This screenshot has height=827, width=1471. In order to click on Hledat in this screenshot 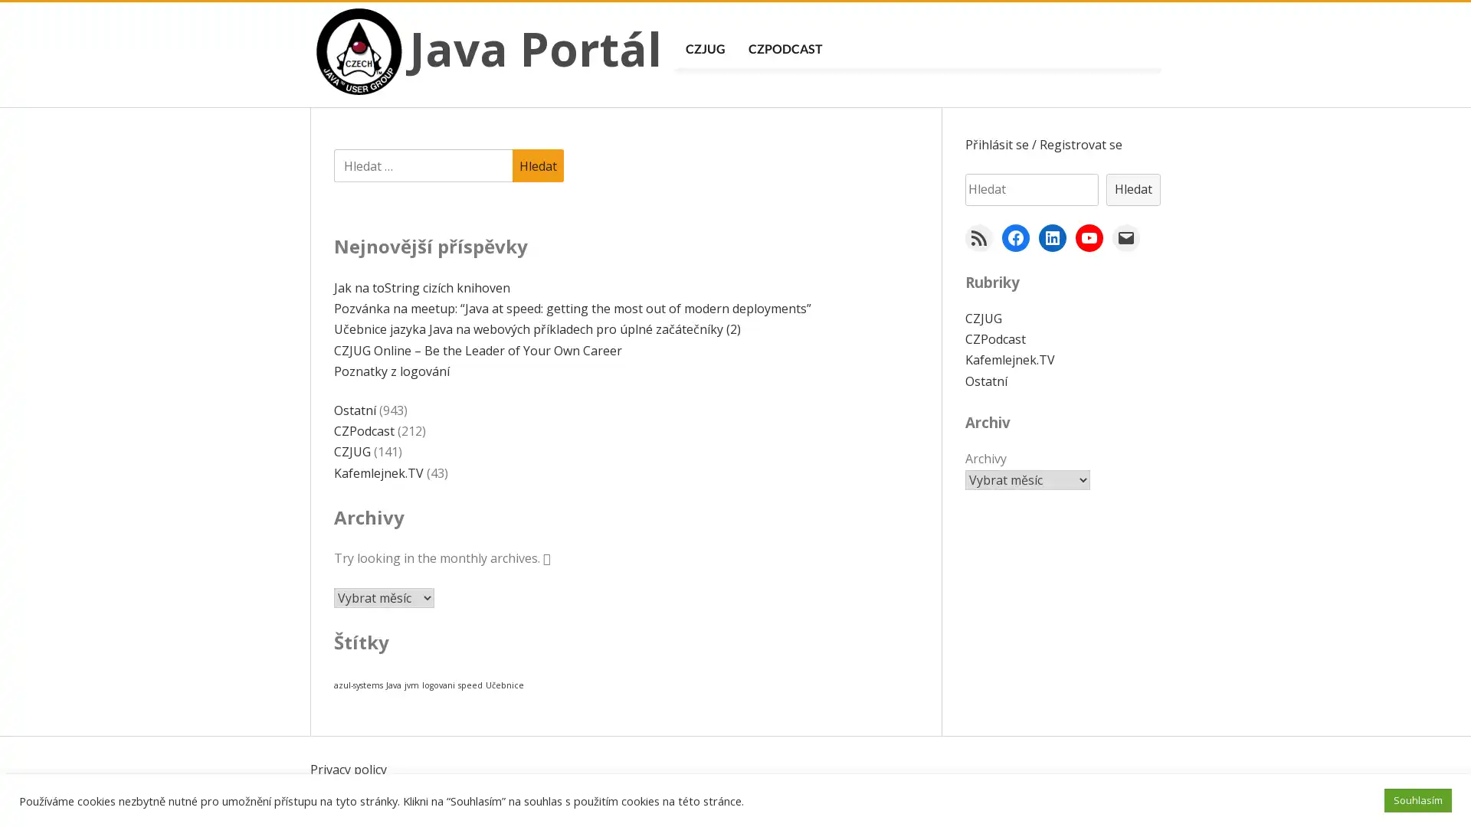, I will do `click(1133, 188)`.